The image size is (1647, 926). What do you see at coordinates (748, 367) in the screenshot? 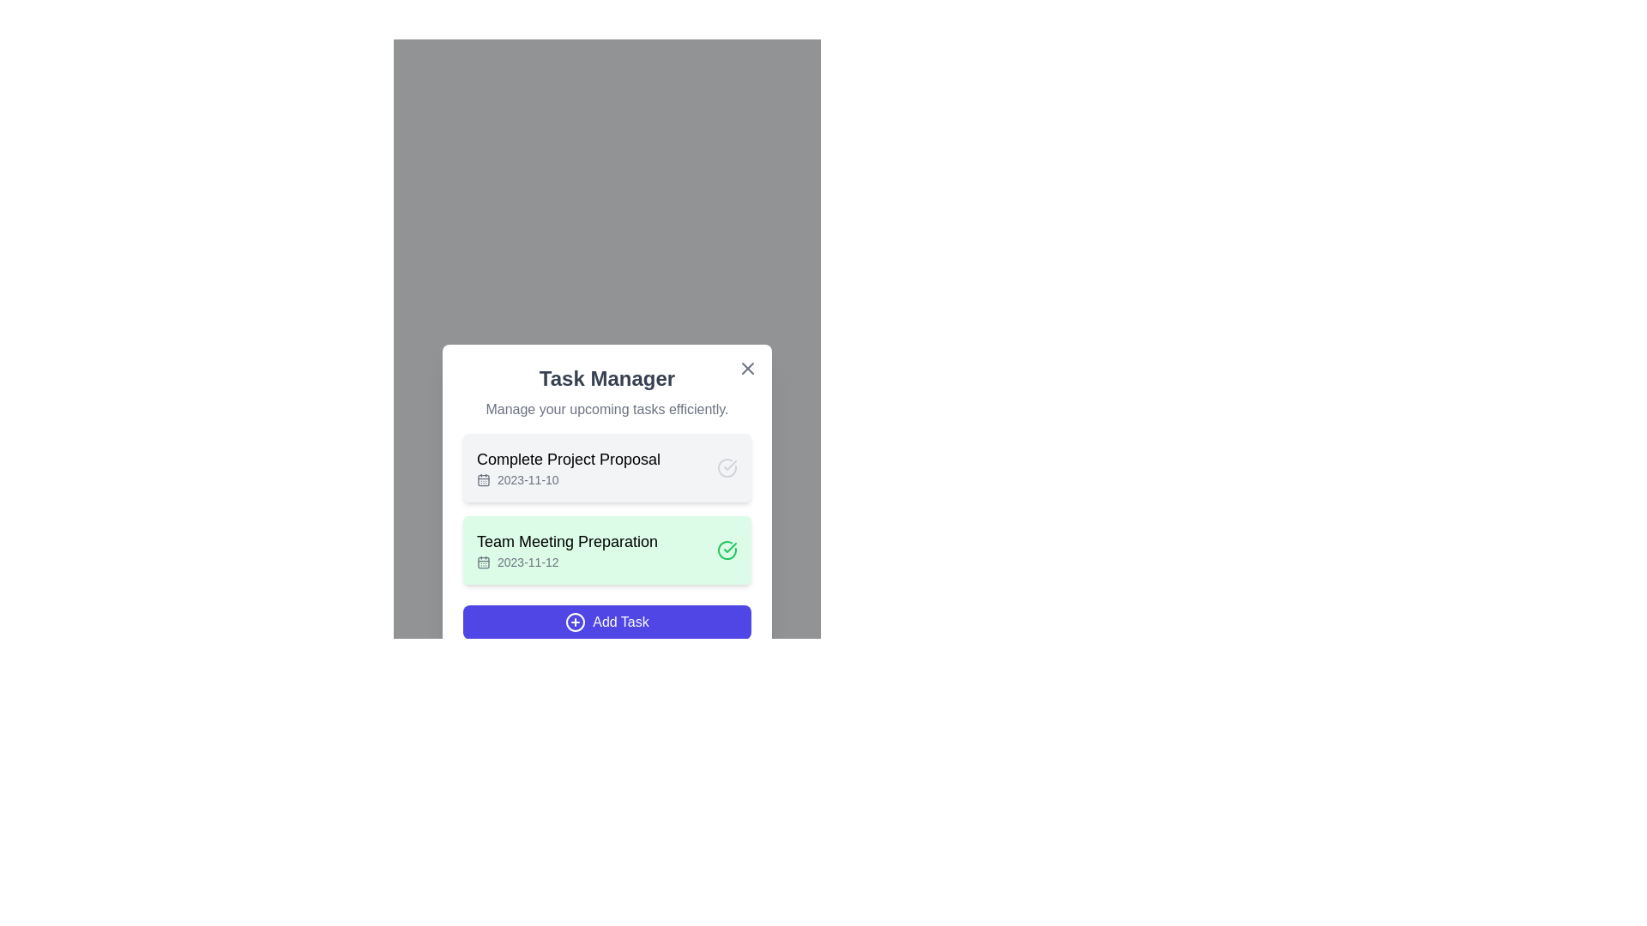
I see `the small 'X' icon button located at the top-right corner of the 'Task Manager' modal` at bounding box center [748, 367].